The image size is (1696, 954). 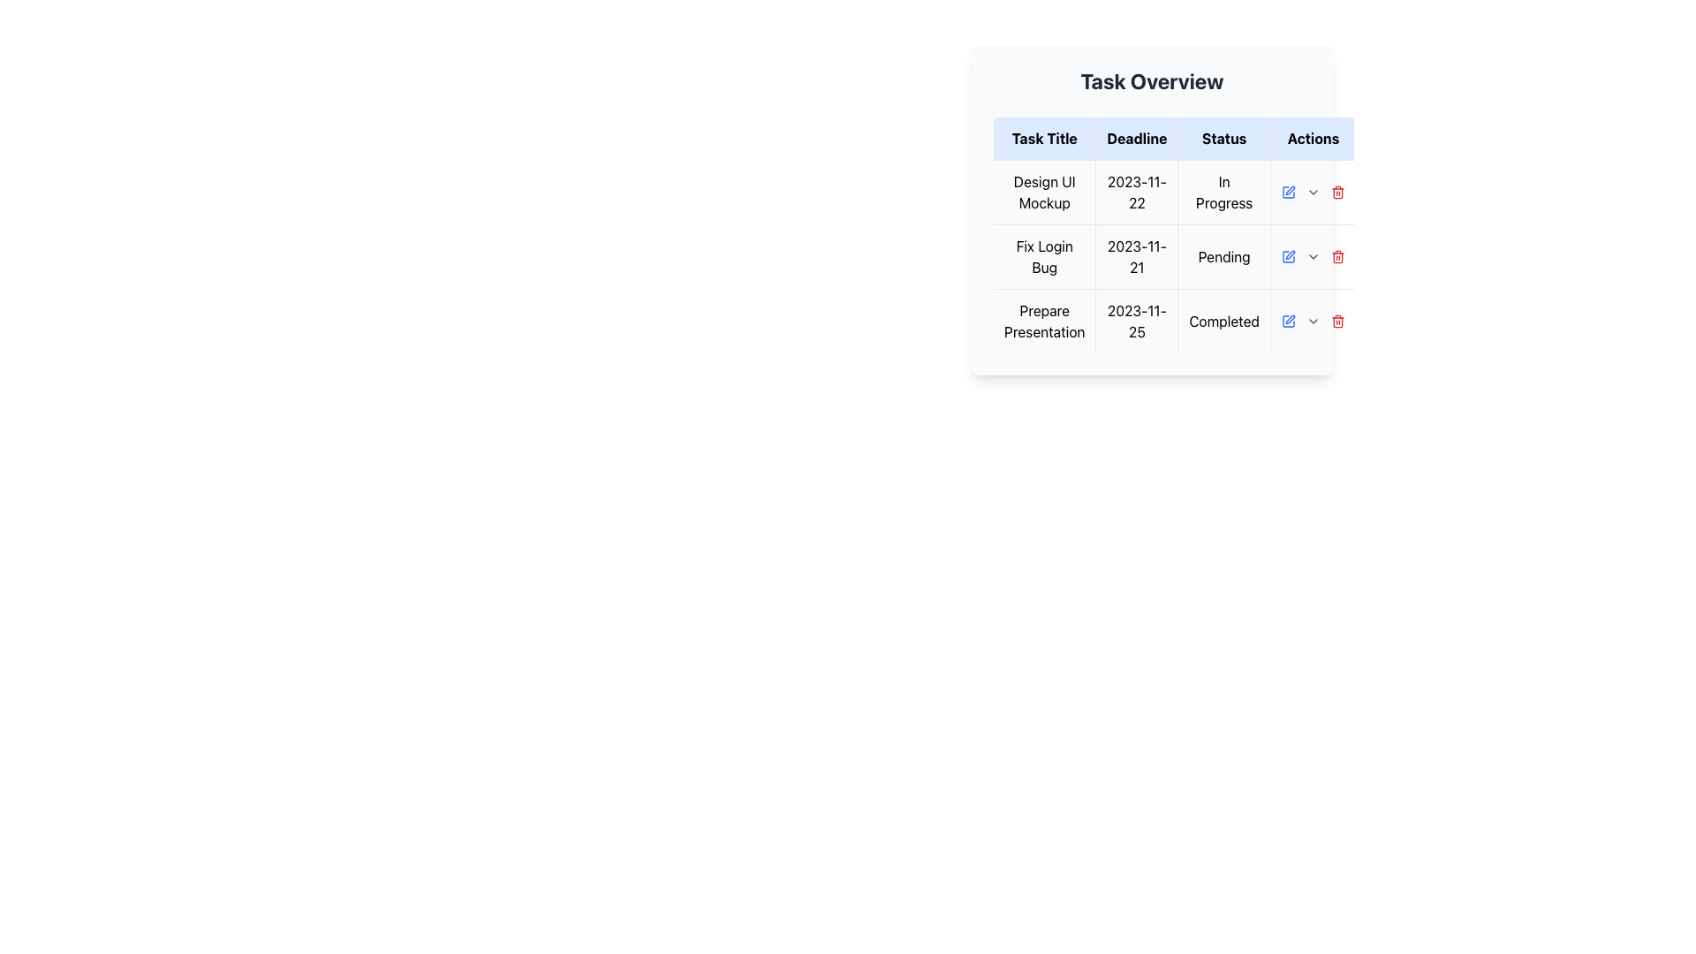 What do you see at coordinates (1137, 321) in the screenshot?
I see `the Text Label displaying the deadline date for the task 'Prepare Presentation', located beneath the 'Deadline' column in the table` at bounding box center [1137, 321].